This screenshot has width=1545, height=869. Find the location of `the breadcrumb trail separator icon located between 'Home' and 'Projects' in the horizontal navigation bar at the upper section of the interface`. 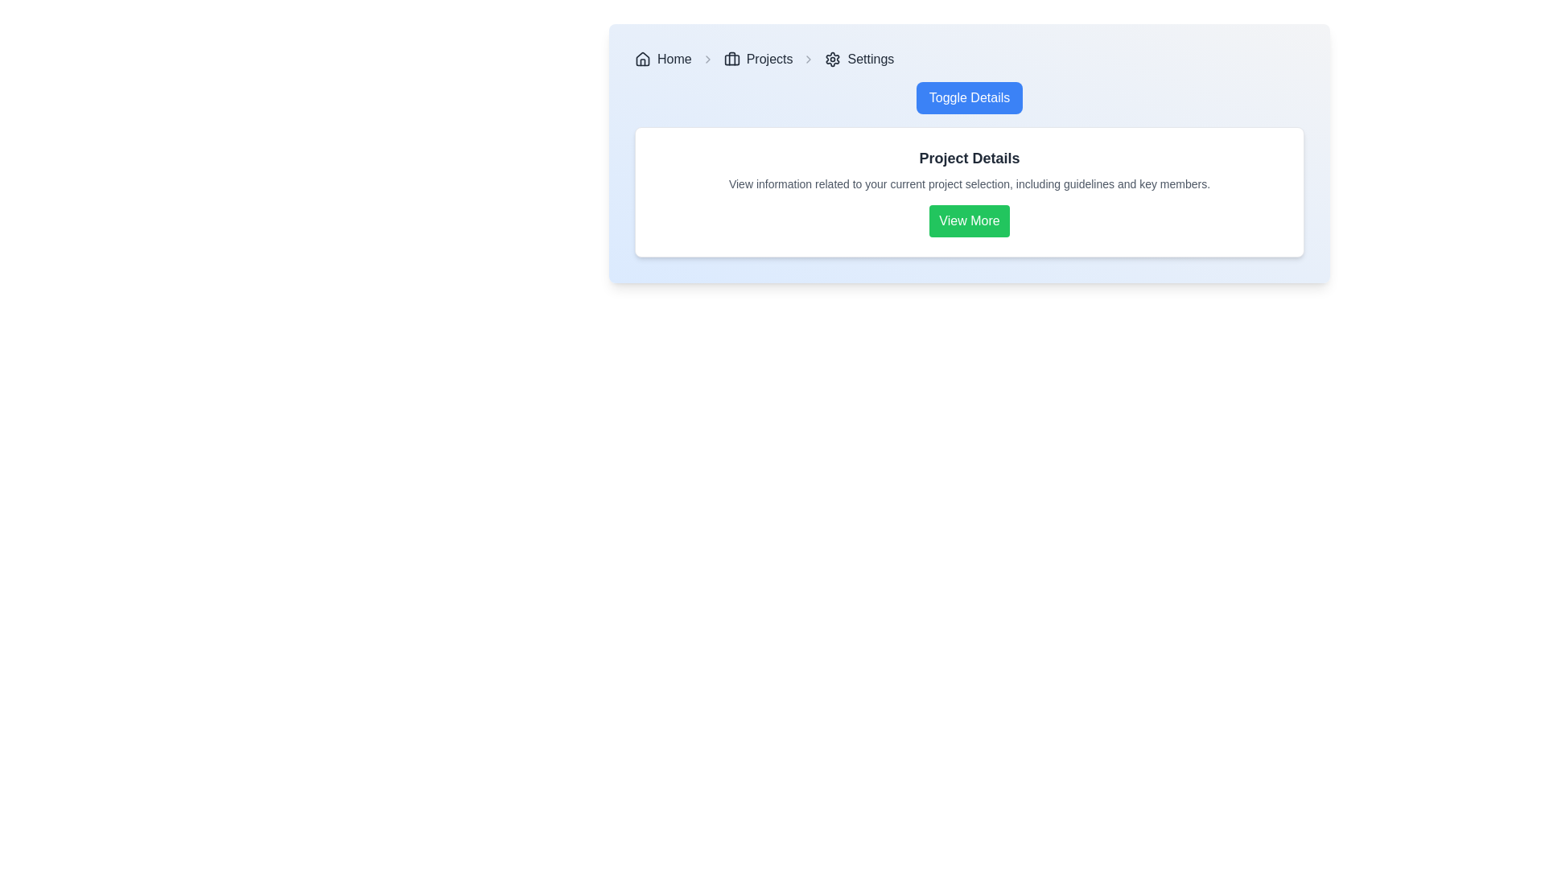

the breadcrumb trail separator icon located between 'Home' and 'Projects' in the horizontal navigation bar at the upper section of the interface is located at coordinates (707, 58).